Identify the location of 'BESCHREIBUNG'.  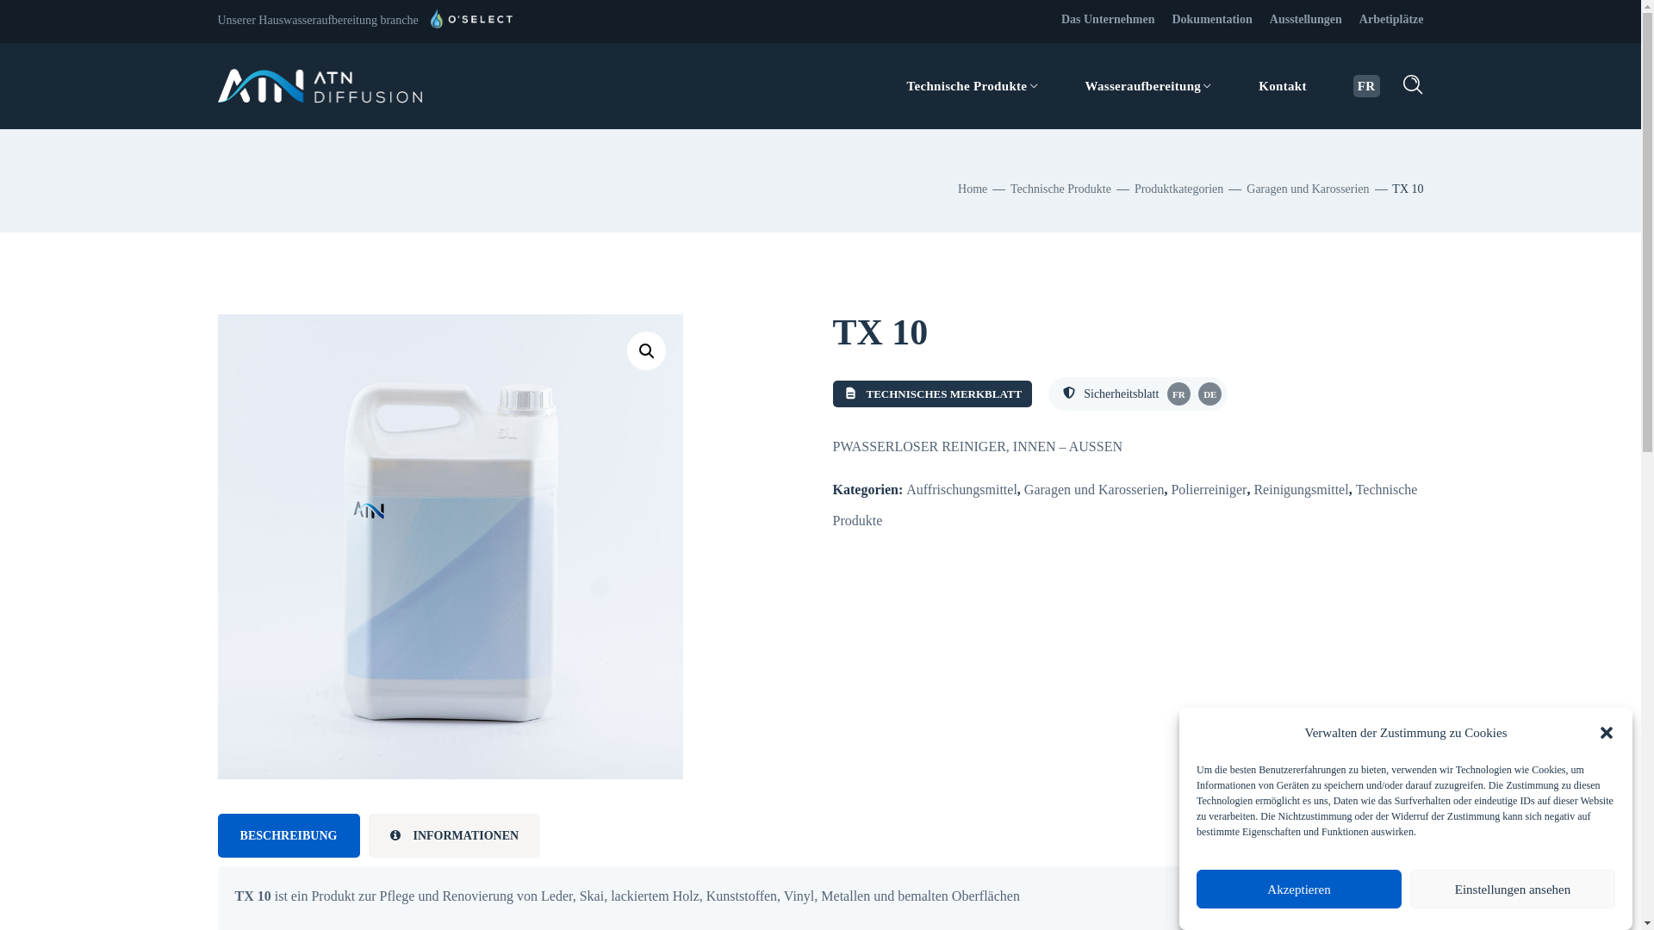
(288, 834).